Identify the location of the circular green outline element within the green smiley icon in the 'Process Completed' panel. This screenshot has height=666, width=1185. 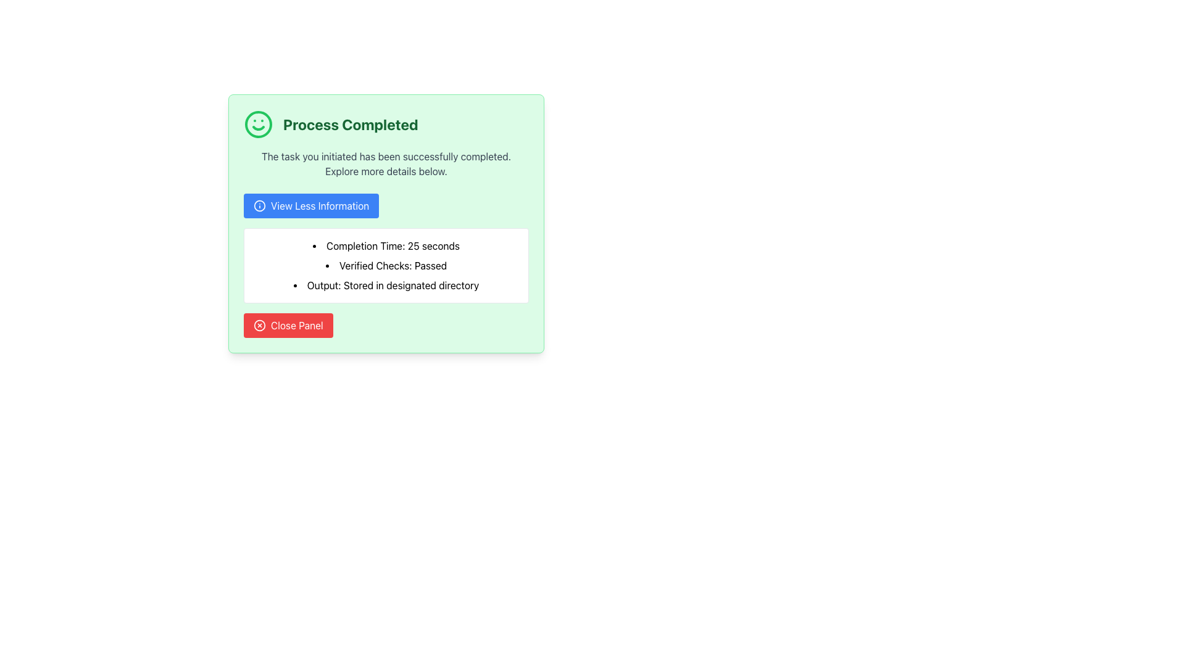
(257, 124).